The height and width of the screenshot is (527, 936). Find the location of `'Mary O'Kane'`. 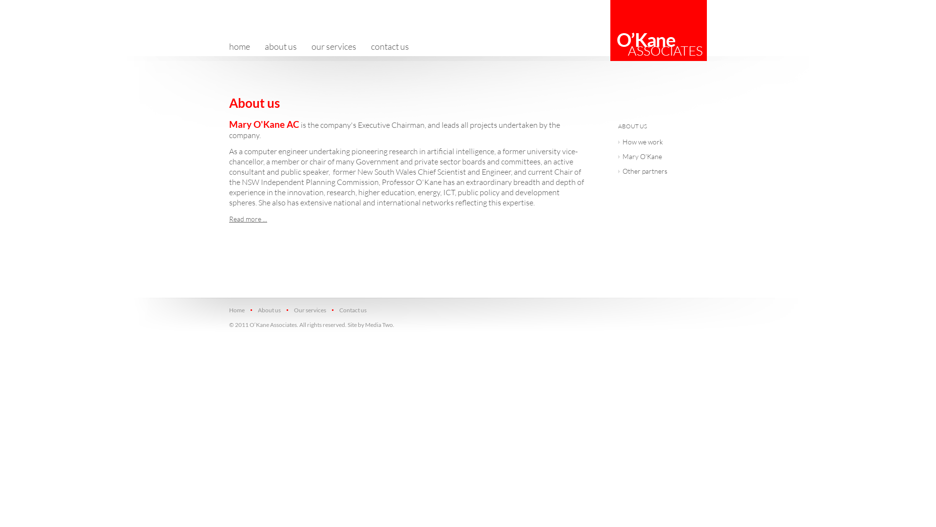

'Mary O'Kane' is located at coordinates (658, 157).